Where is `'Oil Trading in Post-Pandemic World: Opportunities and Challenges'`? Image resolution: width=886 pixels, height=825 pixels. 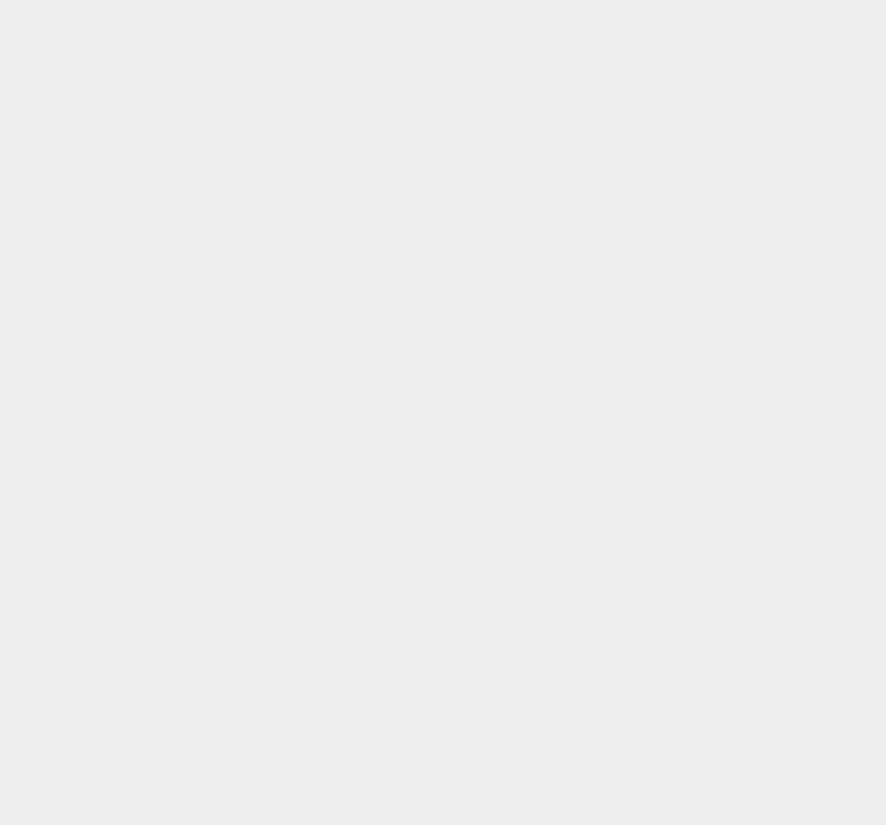
'Oil Trading in Post-Pandemic World: Opportunities and Challenges' is located at coordinates (656, 49).